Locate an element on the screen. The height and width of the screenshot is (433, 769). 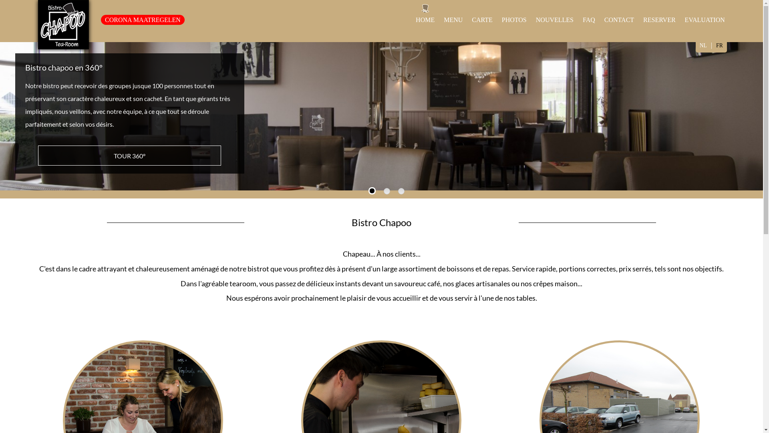
'CORONA MAATREGELEN' is located at coordinates (143, 19).